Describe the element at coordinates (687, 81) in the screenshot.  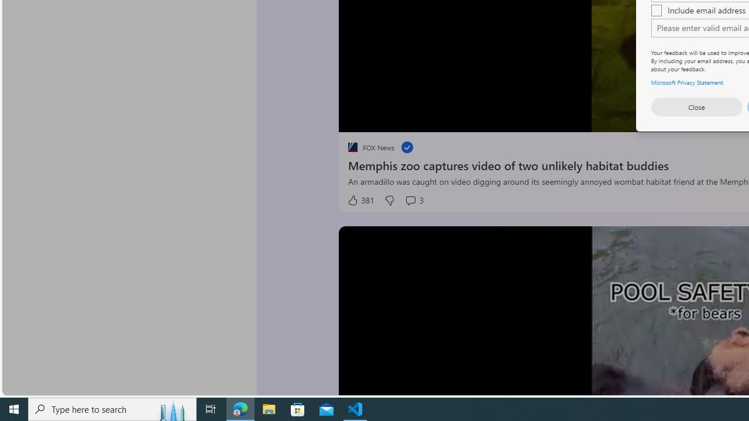
I see `'Microsoft Privacy Statement'` at that location.